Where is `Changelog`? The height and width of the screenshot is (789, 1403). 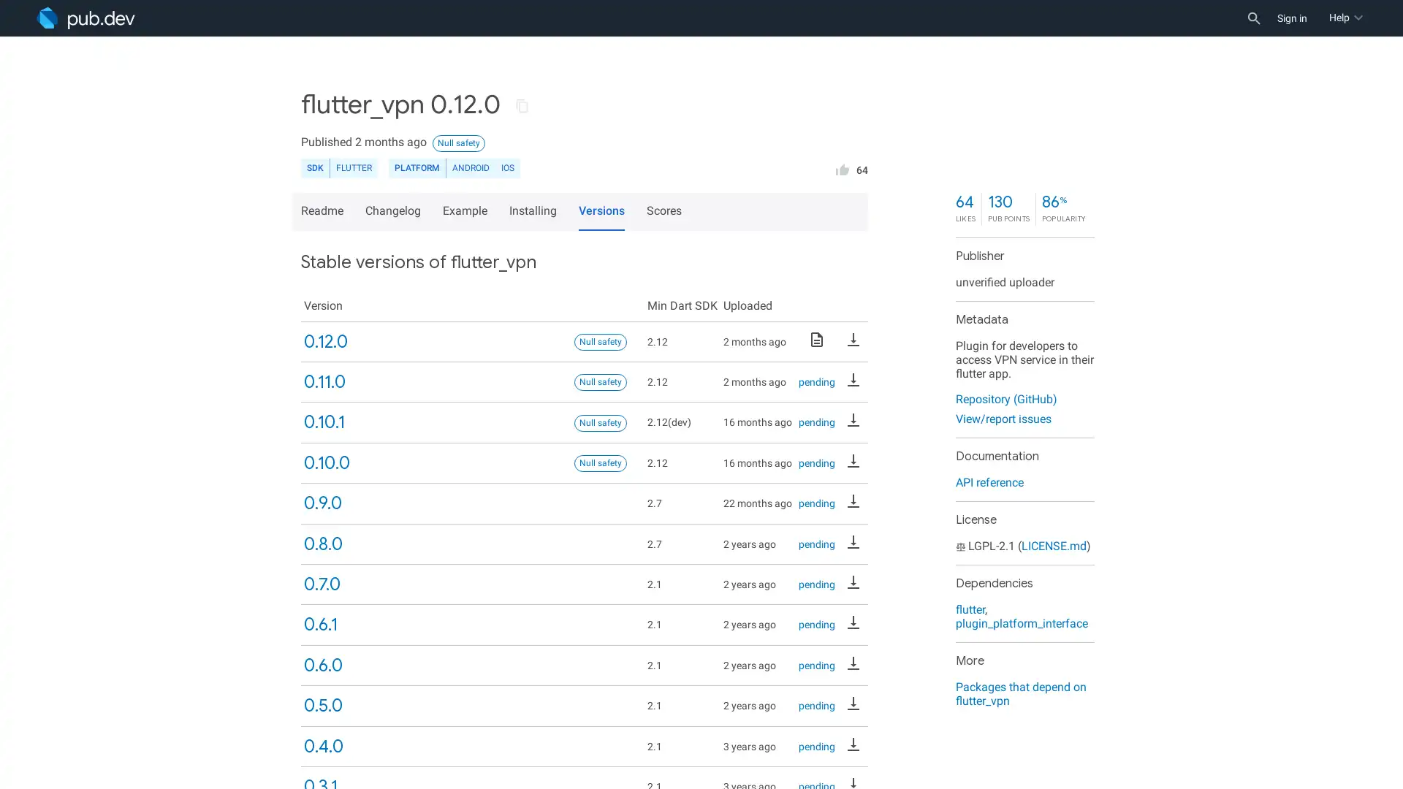 Changelog is located at coordinates (395, 211).